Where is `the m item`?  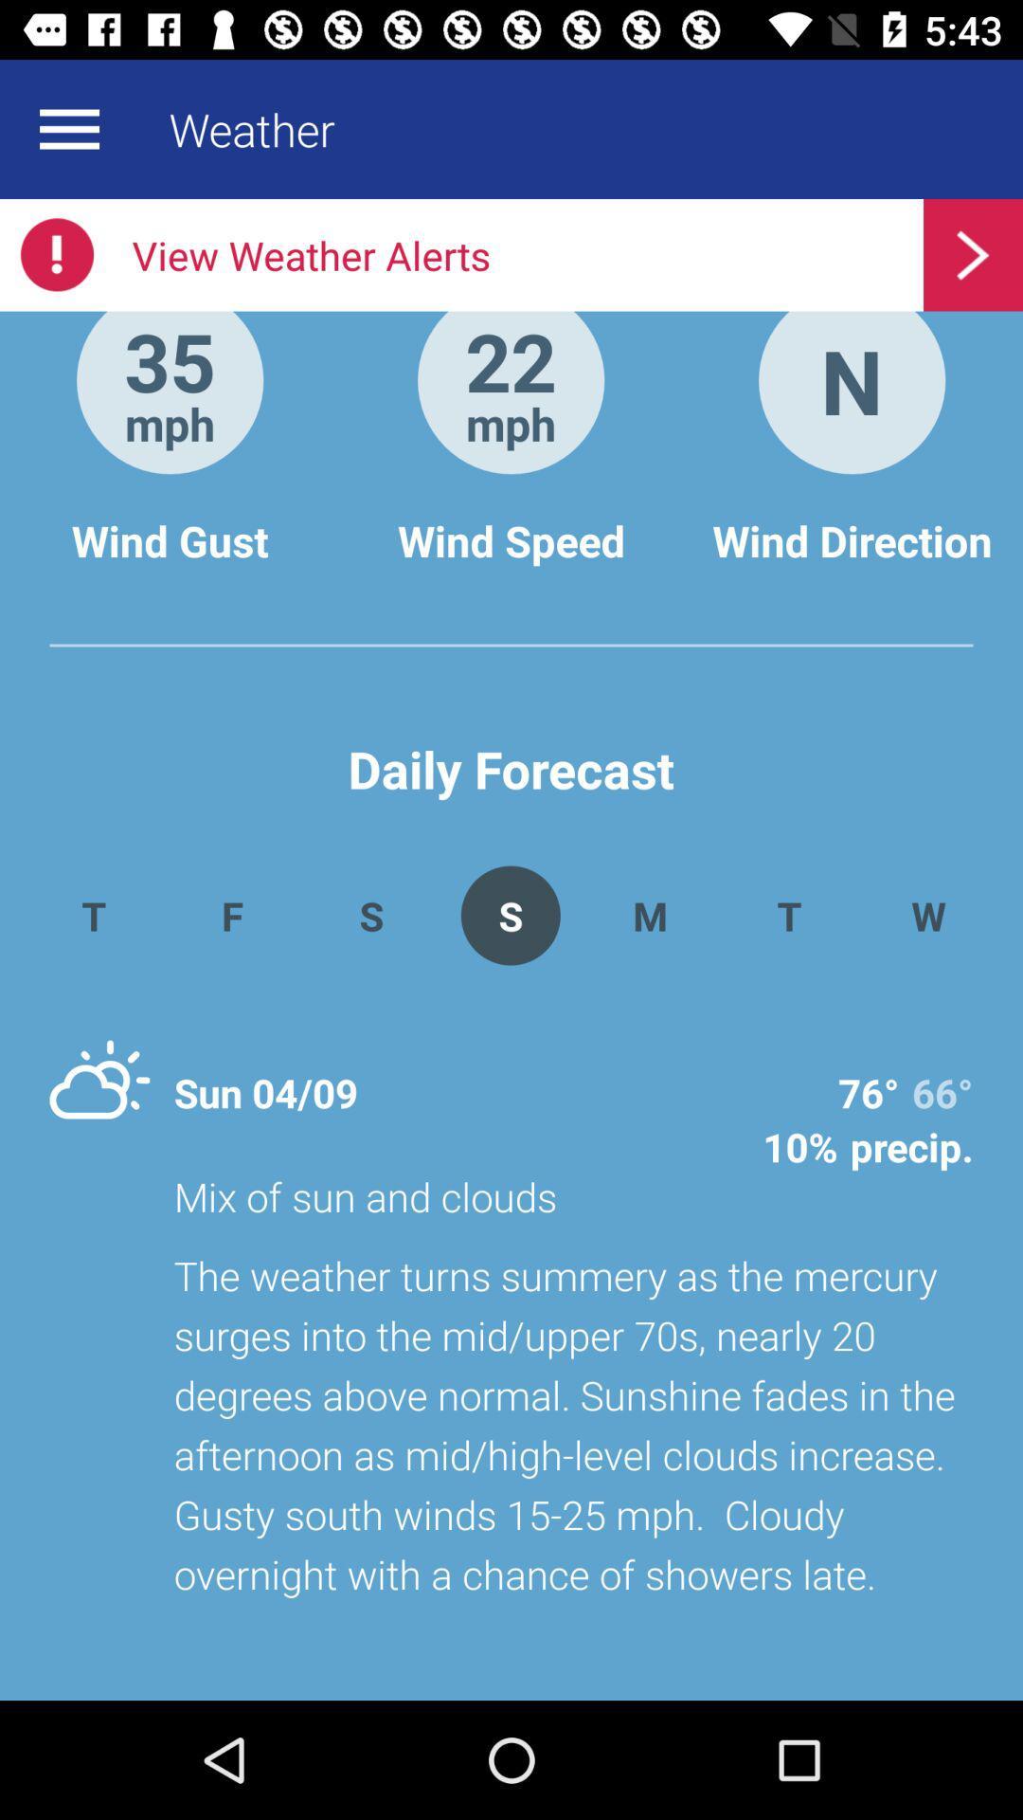 the m item is located at coordinates (649, 915).